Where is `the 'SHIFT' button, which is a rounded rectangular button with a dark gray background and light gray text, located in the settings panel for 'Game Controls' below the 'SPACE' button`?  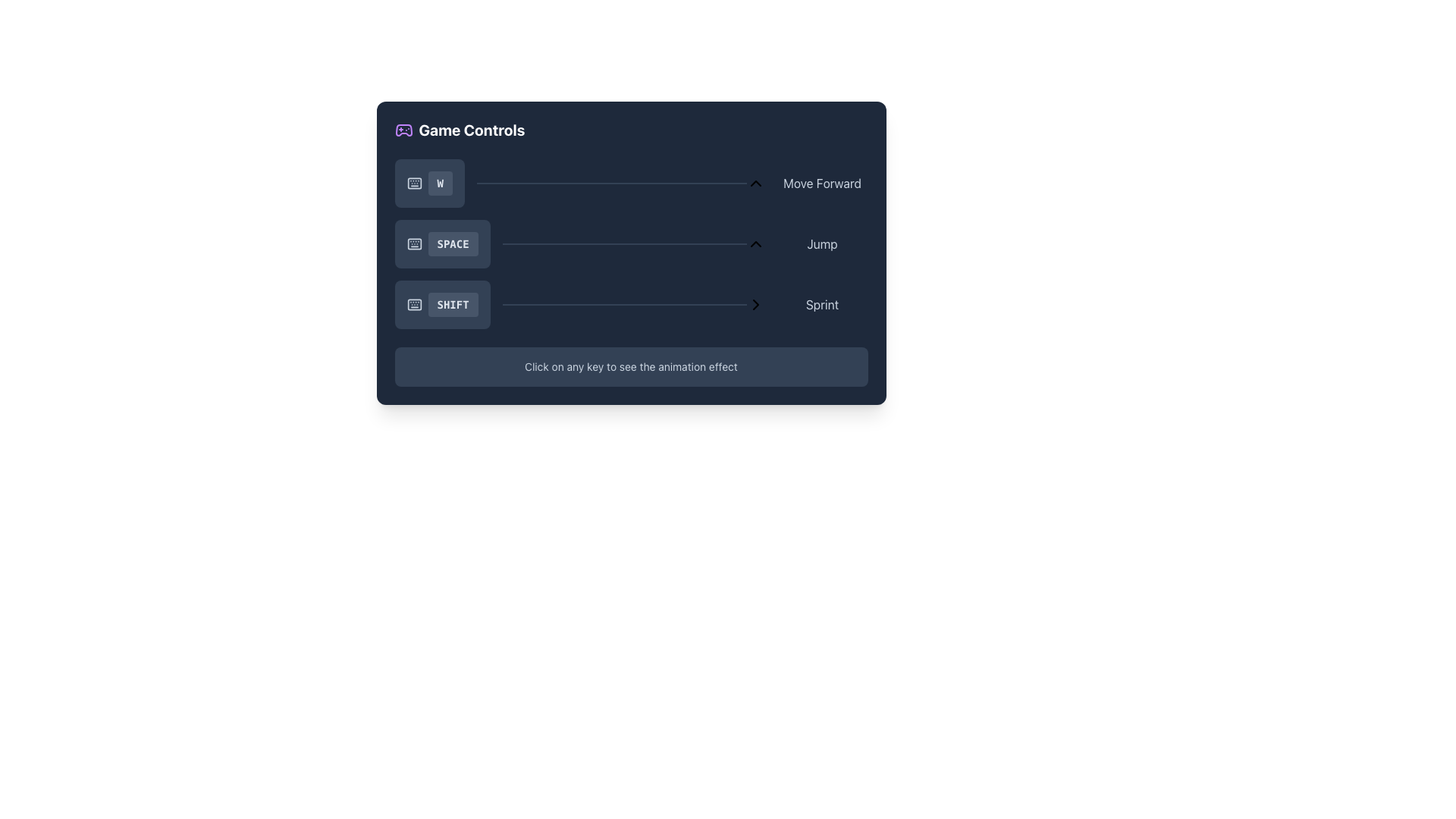
the 'SHIFT' button, which is a rounded rectangular button with a dark gray background and light gray text, located in the settings panel for 'Game Controls' below the 'SPACE' button is located at coordinates (441, 304).